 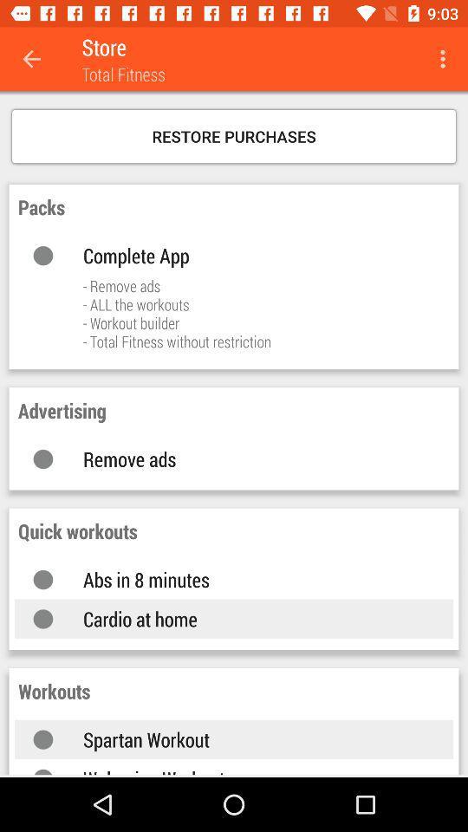 What do you see at coordinates (250, 579) in the screenshot?
I see `the item below the quick workouts item` at bounding box center [250, 579].